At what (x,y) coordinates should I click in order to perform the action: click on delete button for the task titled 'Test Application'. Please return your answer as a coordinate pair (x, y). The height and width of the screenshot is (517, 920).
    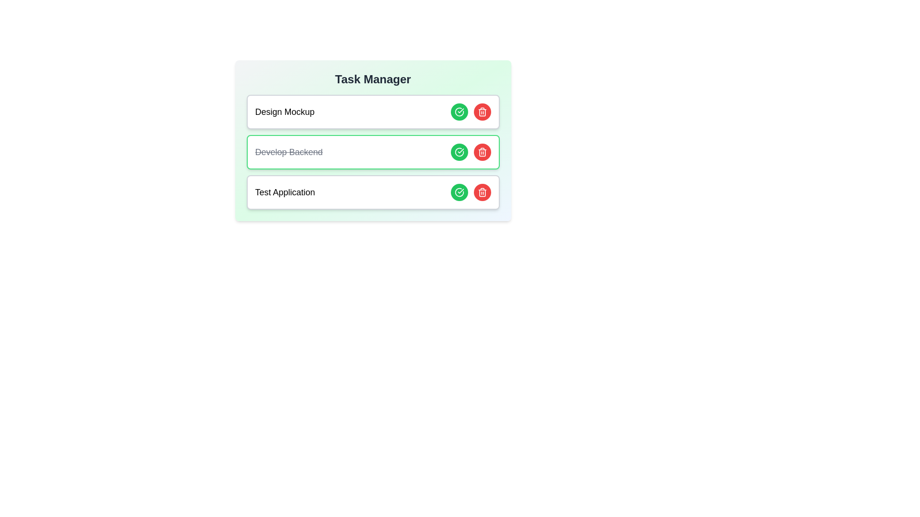
    Looking at the image, I should click on (482, 192).